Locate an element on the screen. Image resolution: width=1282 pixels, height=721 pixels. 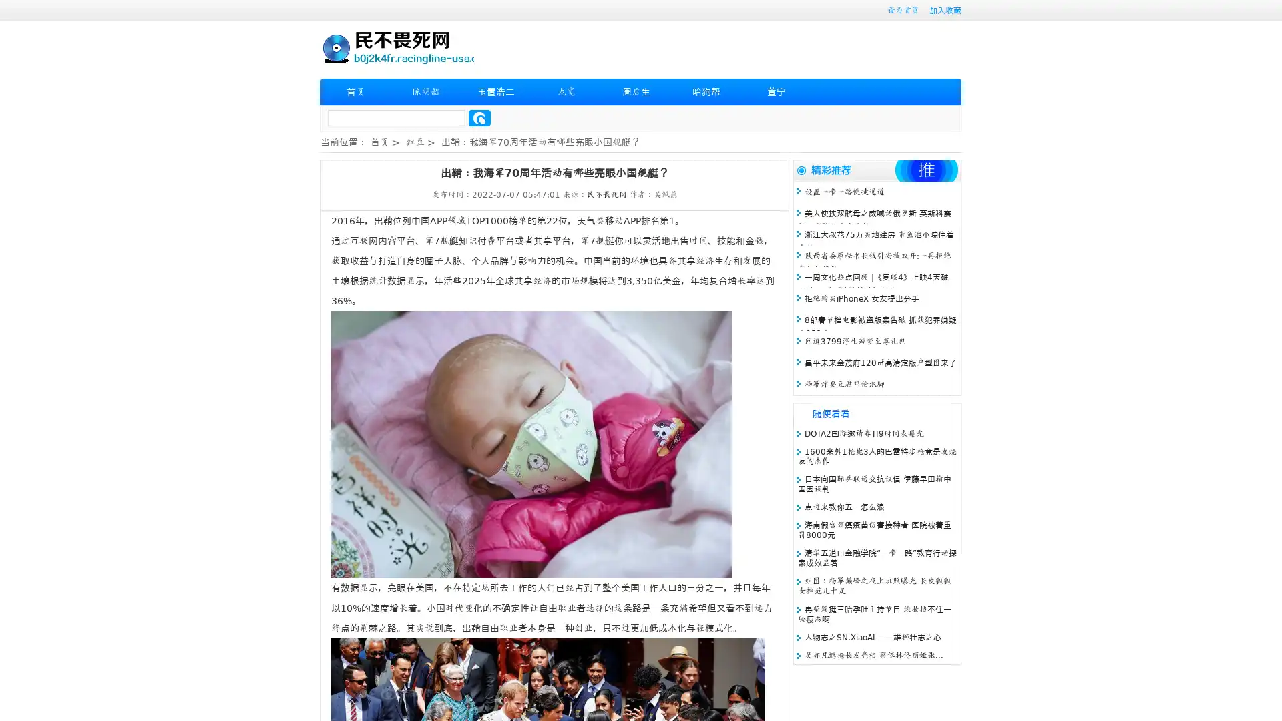
Search is located at coordinates (479, 117).